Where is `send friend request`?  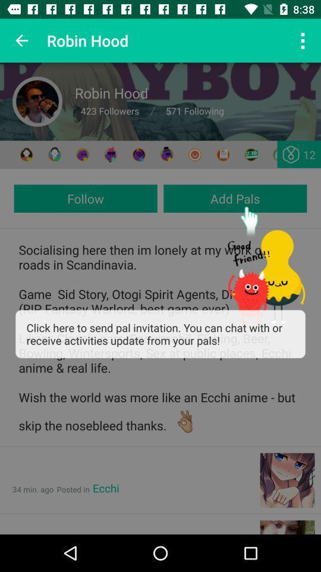 send friend request is located at coordinates (279, 154).